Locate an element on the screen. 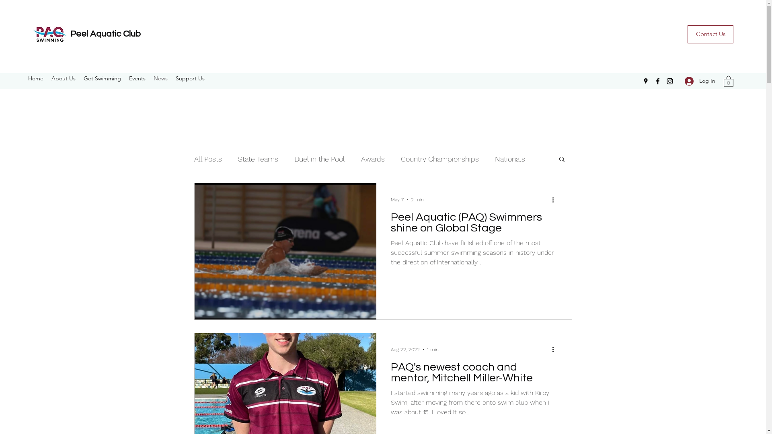 Image resolution: width=772 pixels, height=434 pixels. 'About Us' is located at coordinates (63, 78).